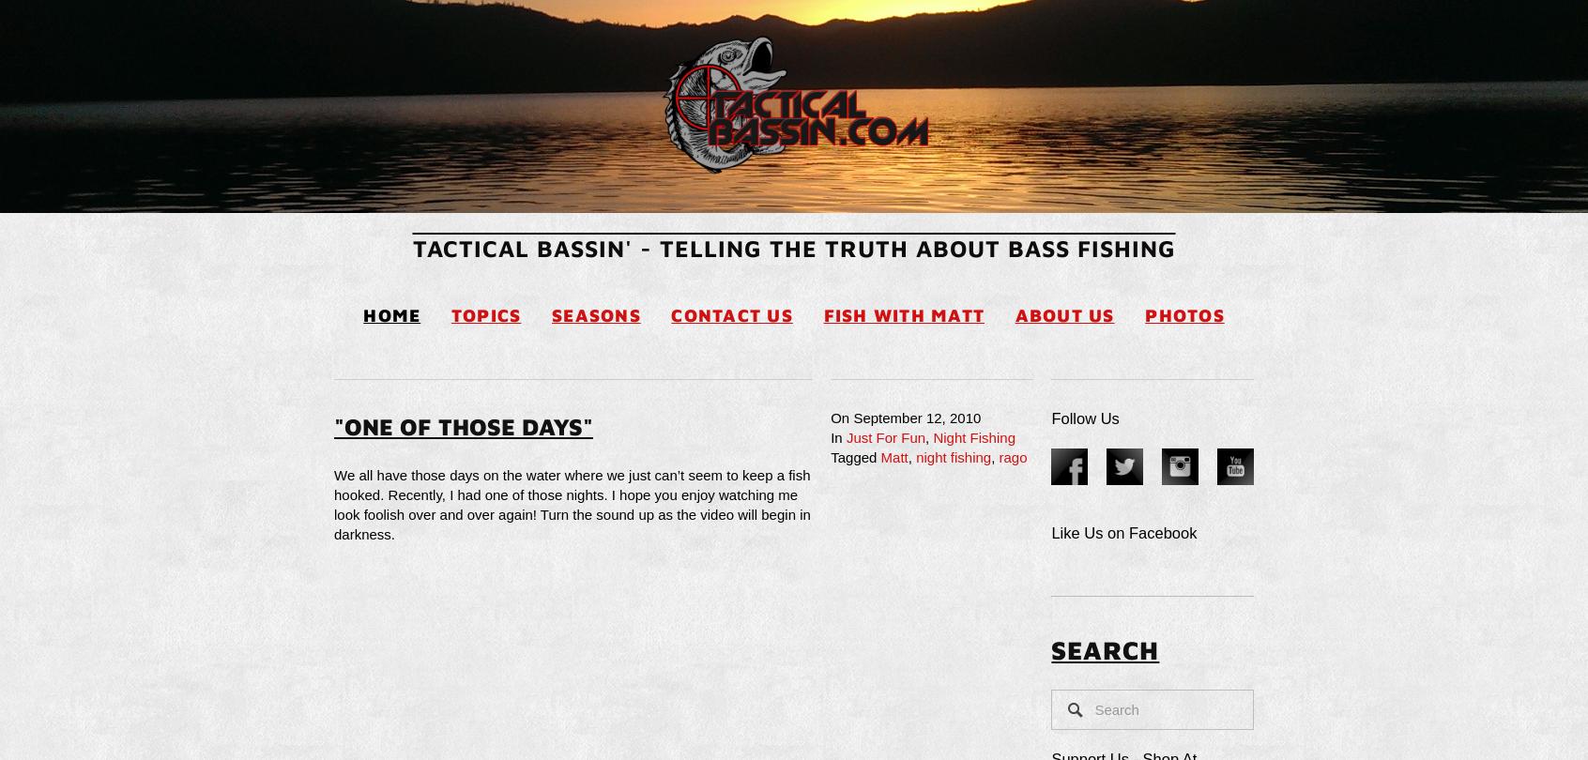  Describe the element at coordinates (391, 313) in the screenshot. I see `'Home'` at that location.